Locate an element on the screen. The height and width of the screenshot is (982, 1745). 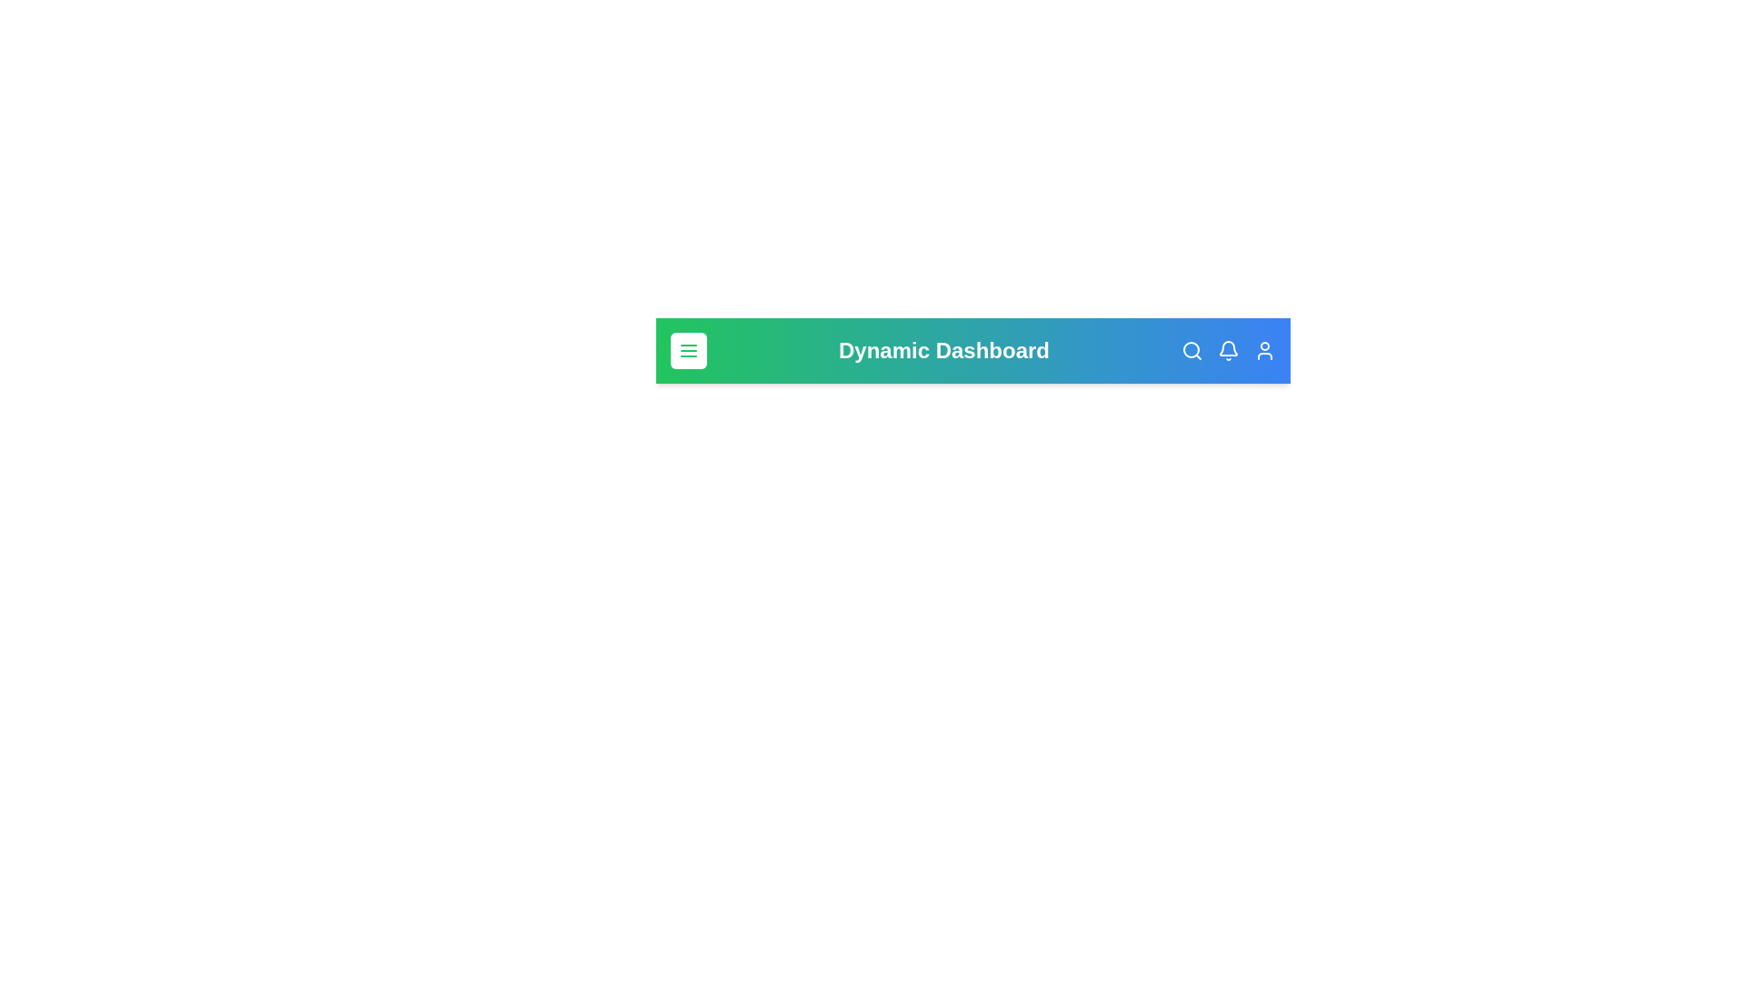
the menu button to toggle the side menu visibility is located at coordinates (688, 350).